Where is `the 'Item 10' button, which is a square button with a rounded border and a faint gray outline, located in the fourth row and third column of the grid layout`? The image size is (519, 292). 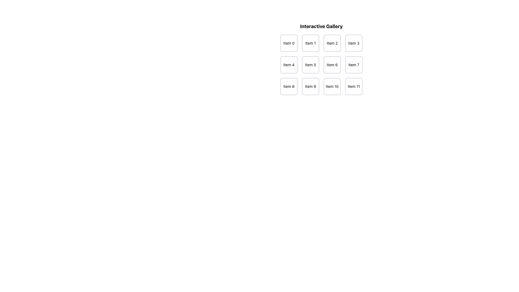
the 'Item 10' button, which is a square button with a rounded border and a faint gray outline, located in the fourth row and third column of the grid layout is located at coordinates (332, 86).